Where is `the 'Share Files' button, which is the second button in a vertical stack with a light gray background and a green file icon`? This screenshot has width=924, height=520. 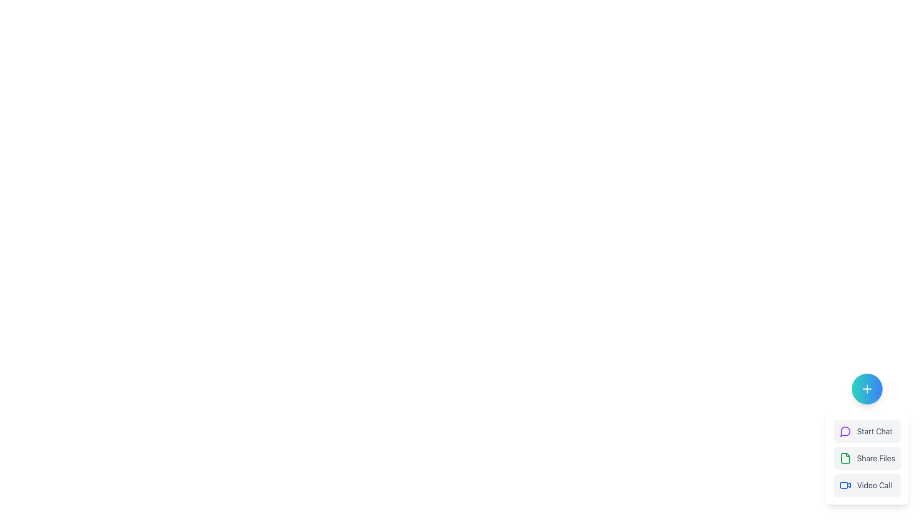
the 'Share Files' button, which is the second button in a vertical stack with a light gray background and a green file icon is located at coordinates (867, 458).